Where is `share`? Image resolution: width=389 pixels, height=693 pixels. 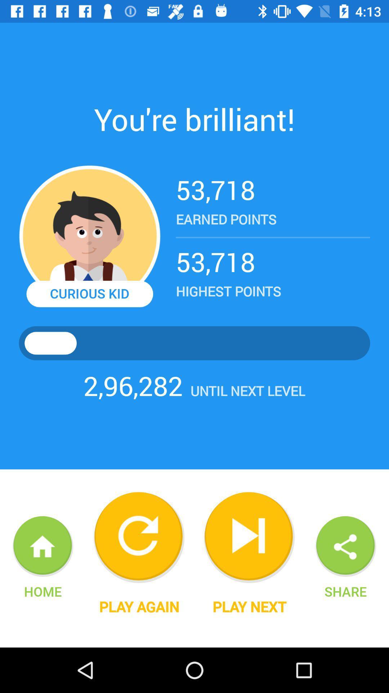 share is located at coordinates (345, 591).